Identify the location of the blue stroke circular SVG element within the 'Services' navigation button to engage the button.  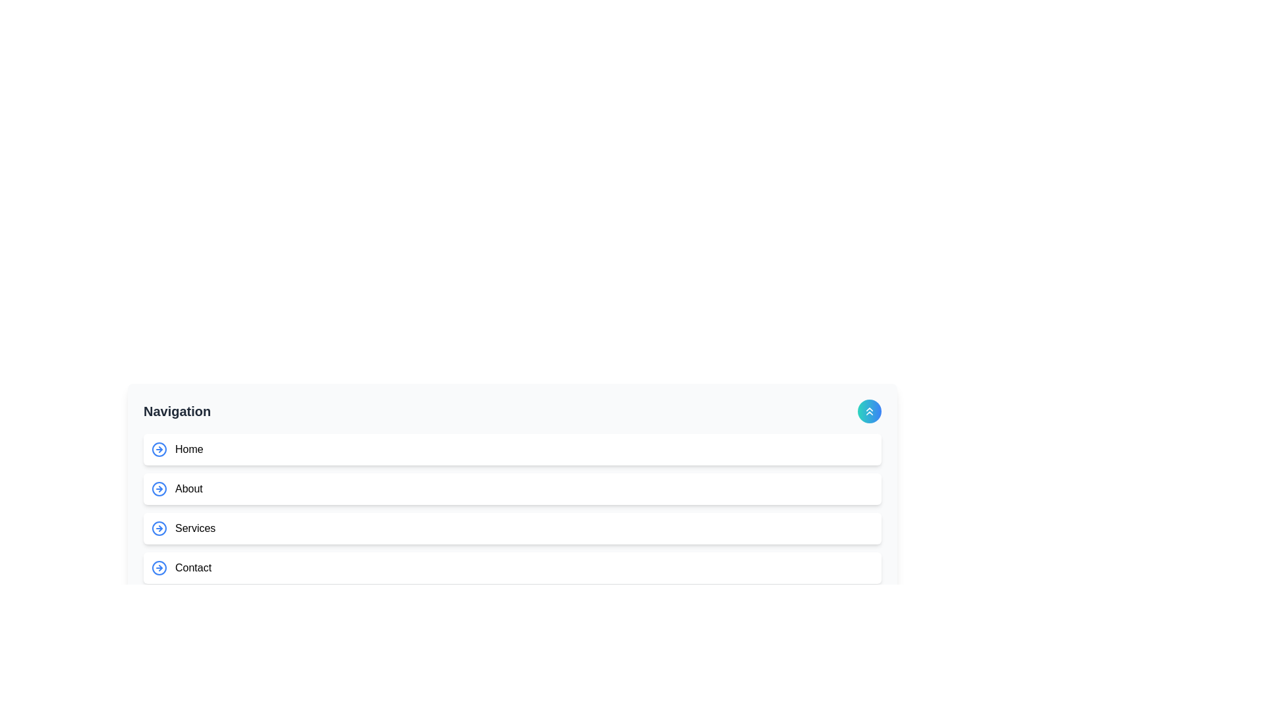
(158, 527).